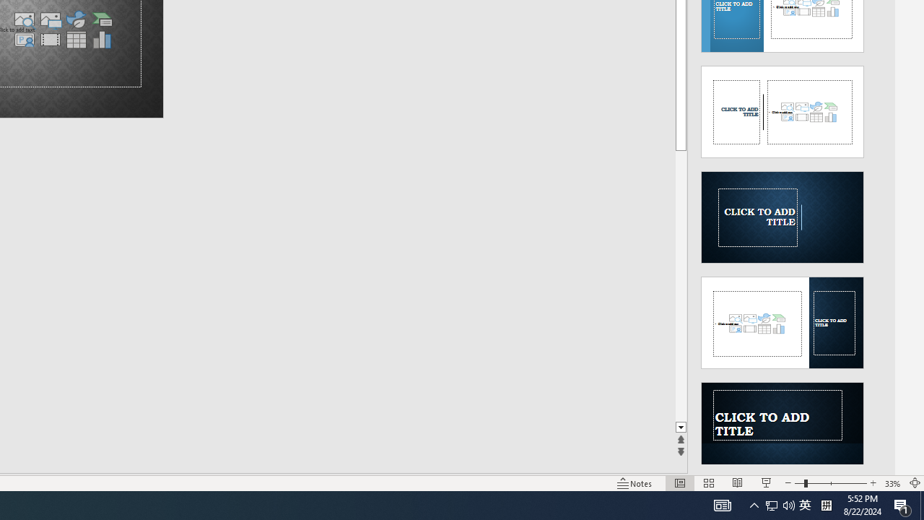 The height and width of the screenshot is (520, 924). Describe the element at coordinates (101, 19) in the screenshot. I see `'Insert a SmartArt Graphic'` at that location.